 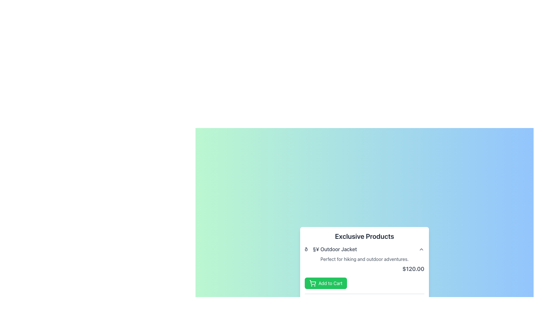 What do you see at coordinates (331, 249) in the screenshot?
I see `on the product title text label located at the top-left of the product card, which is positioned above the descriptive text paragraph` at bounding box center [331, 249].